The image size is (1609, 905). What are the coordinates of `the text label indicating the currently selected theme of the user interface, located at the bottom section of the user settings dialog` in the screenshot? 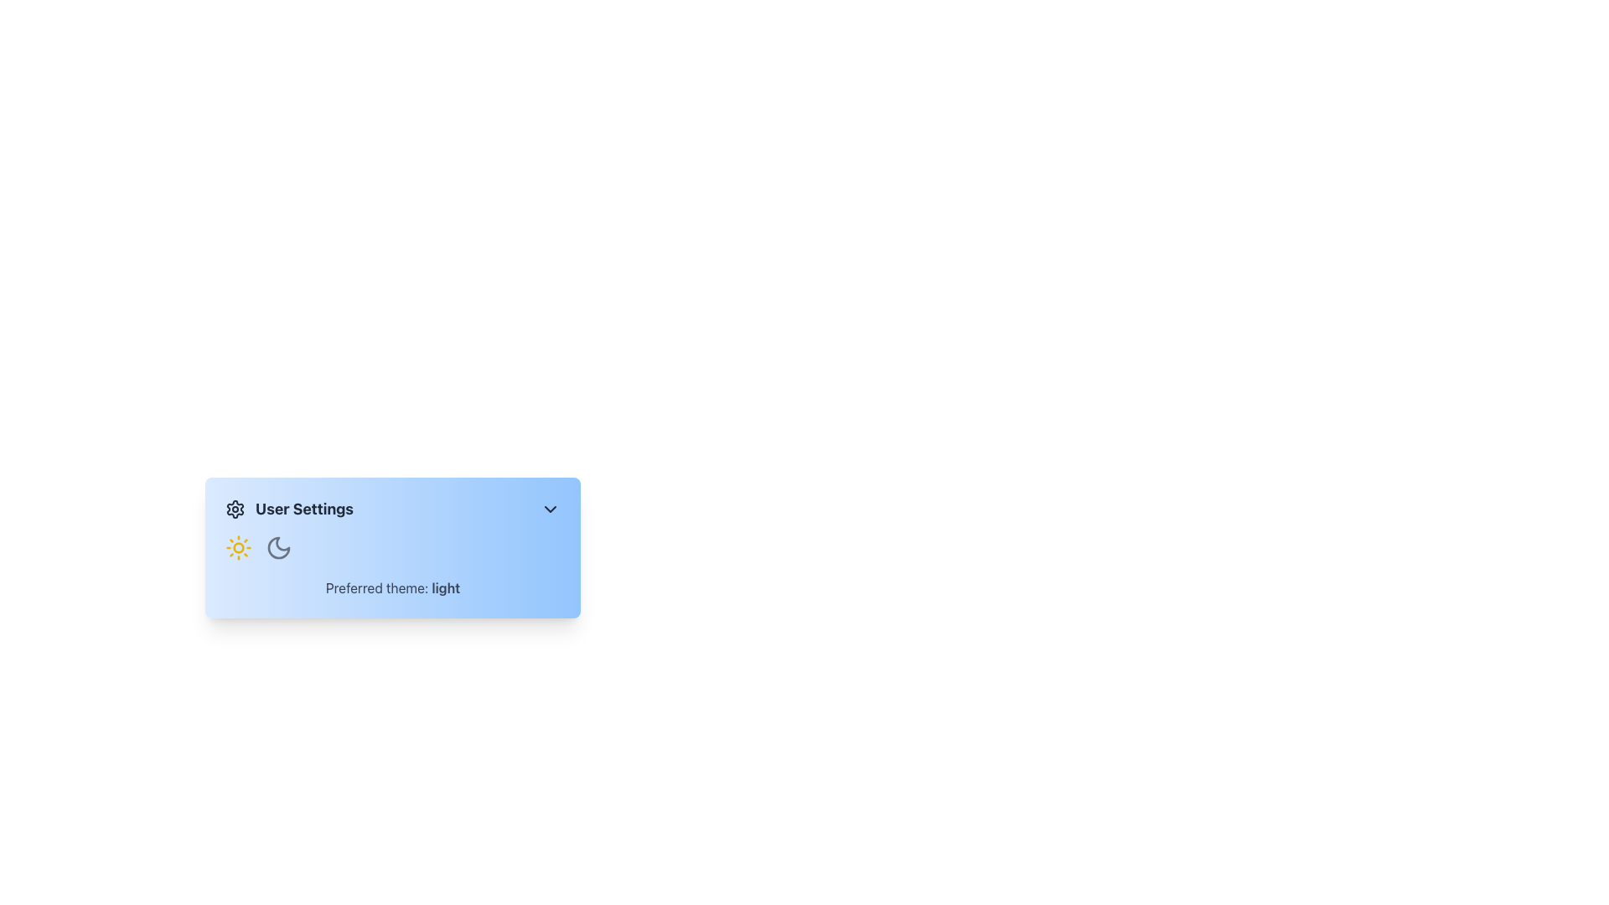 It's located at (392, 587).